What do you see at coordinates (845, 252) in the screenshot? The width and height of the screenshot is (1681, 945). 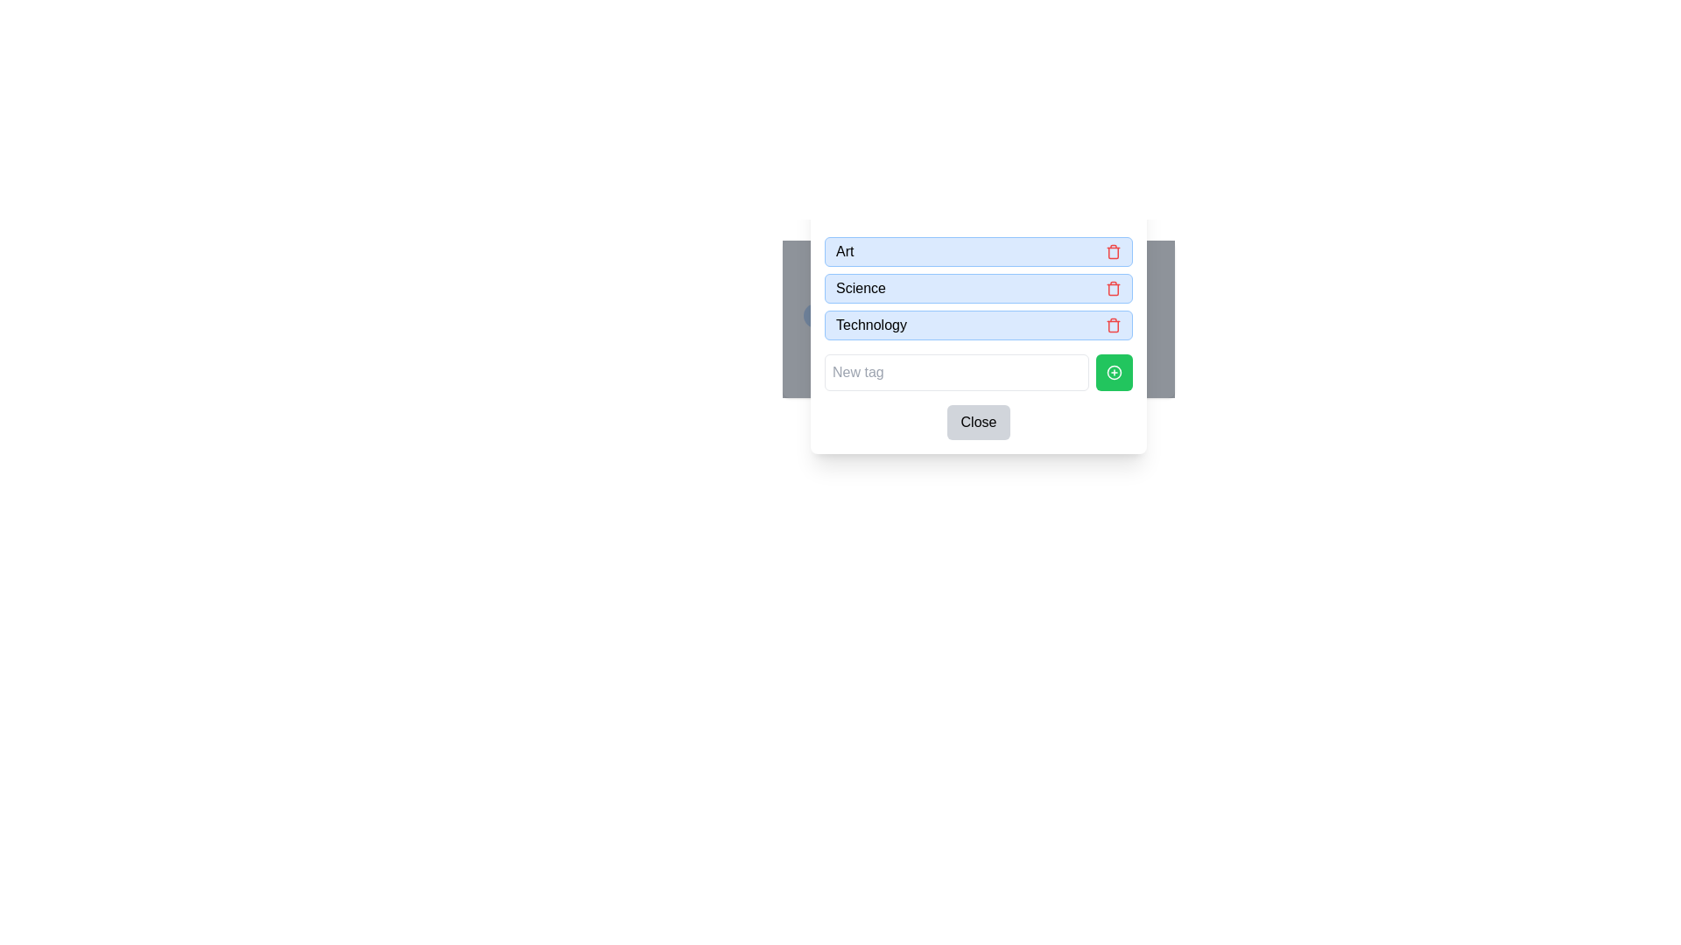 I see `the text label displaying 'Art' in black font, which is located in a light blue background rectangle at the upper-left corner of a popup dialog` at bounding box center [845, 252].